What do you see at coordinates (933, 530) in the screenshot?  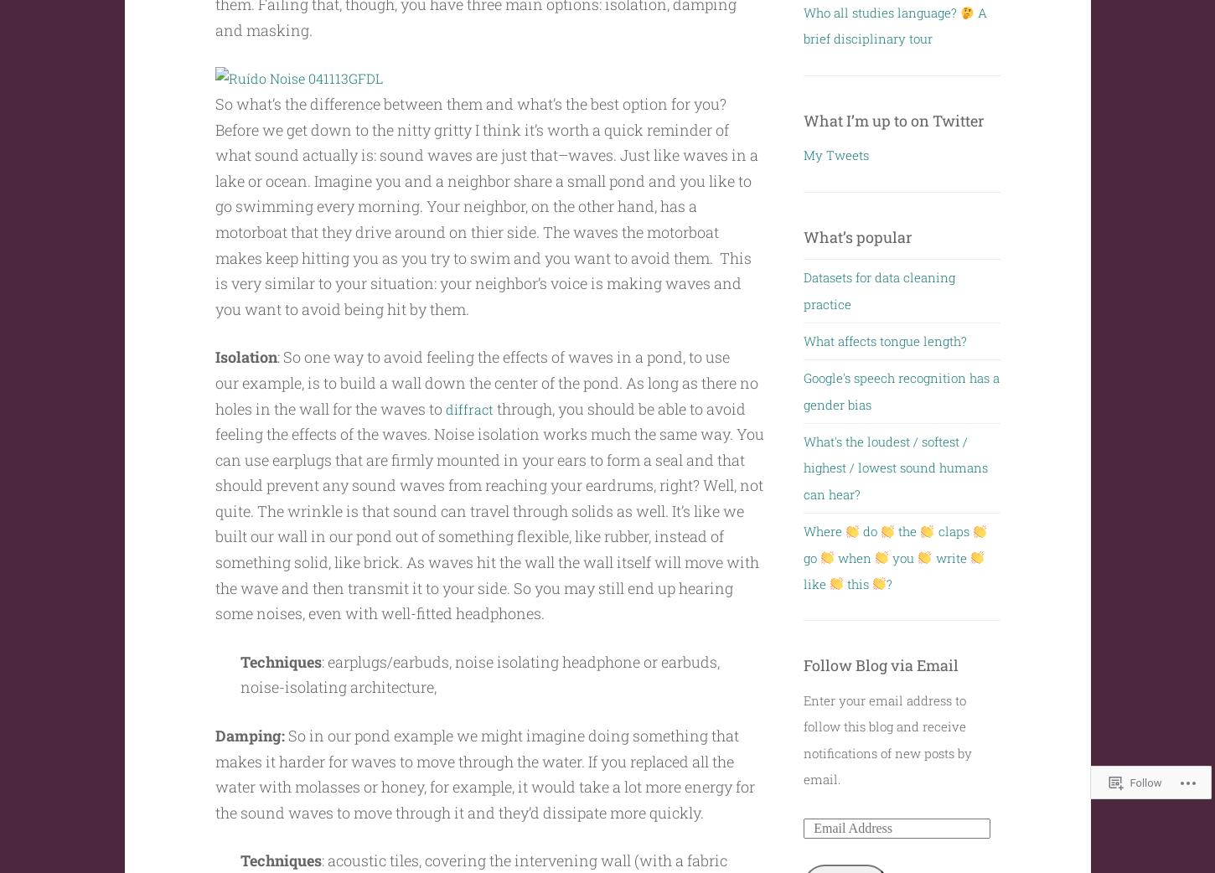 I see `'claps'` at bounding box center [933, 530].